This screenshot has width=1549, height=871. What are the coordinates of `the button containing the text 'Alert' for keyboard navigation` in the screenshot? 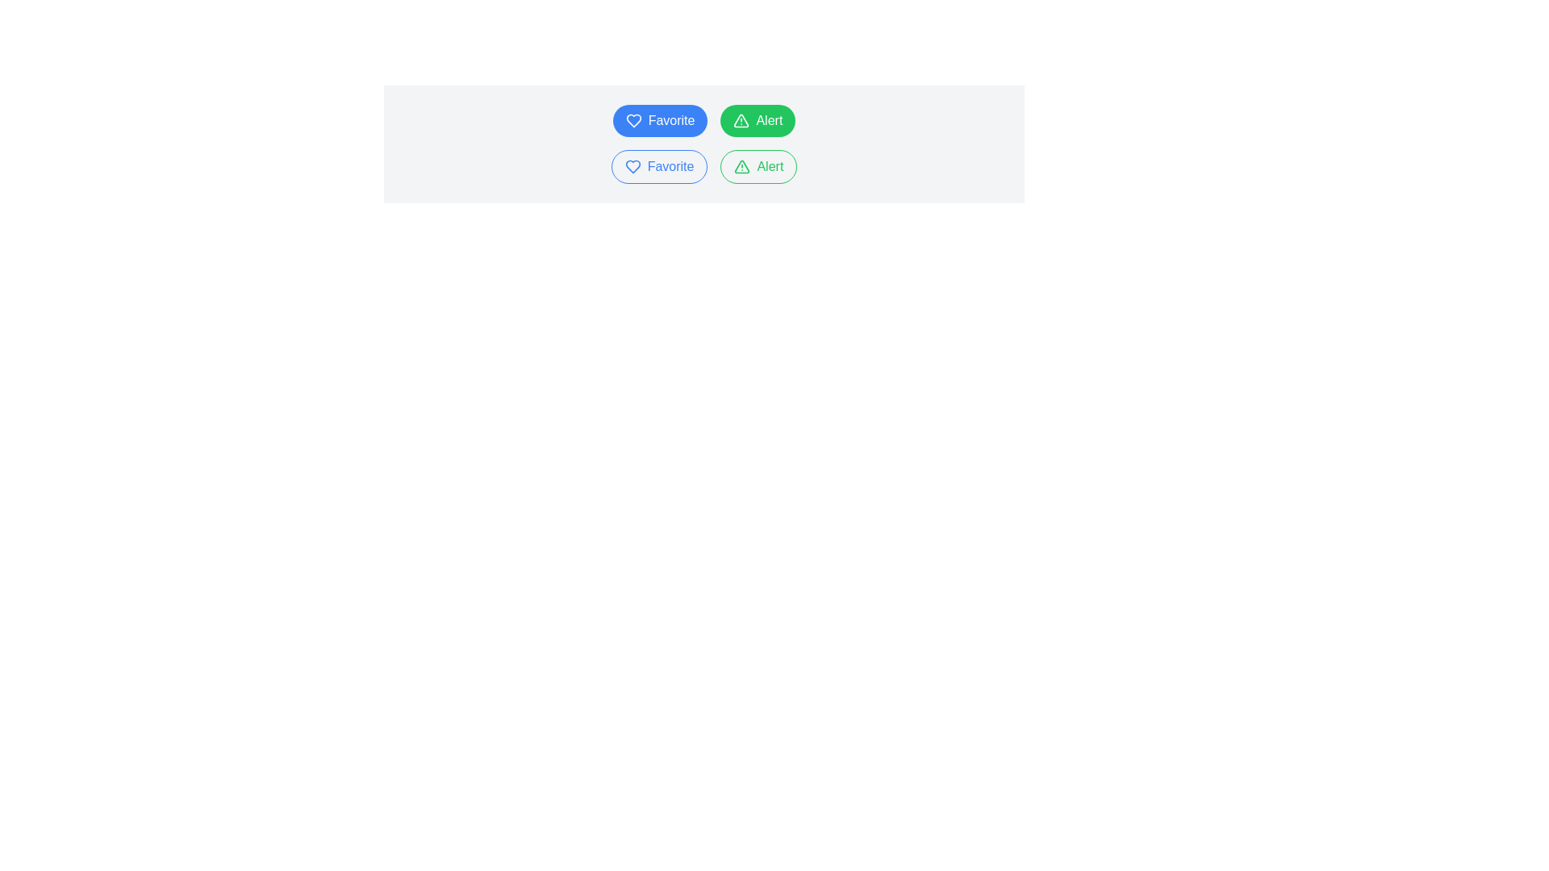 It's located at (769, 167).